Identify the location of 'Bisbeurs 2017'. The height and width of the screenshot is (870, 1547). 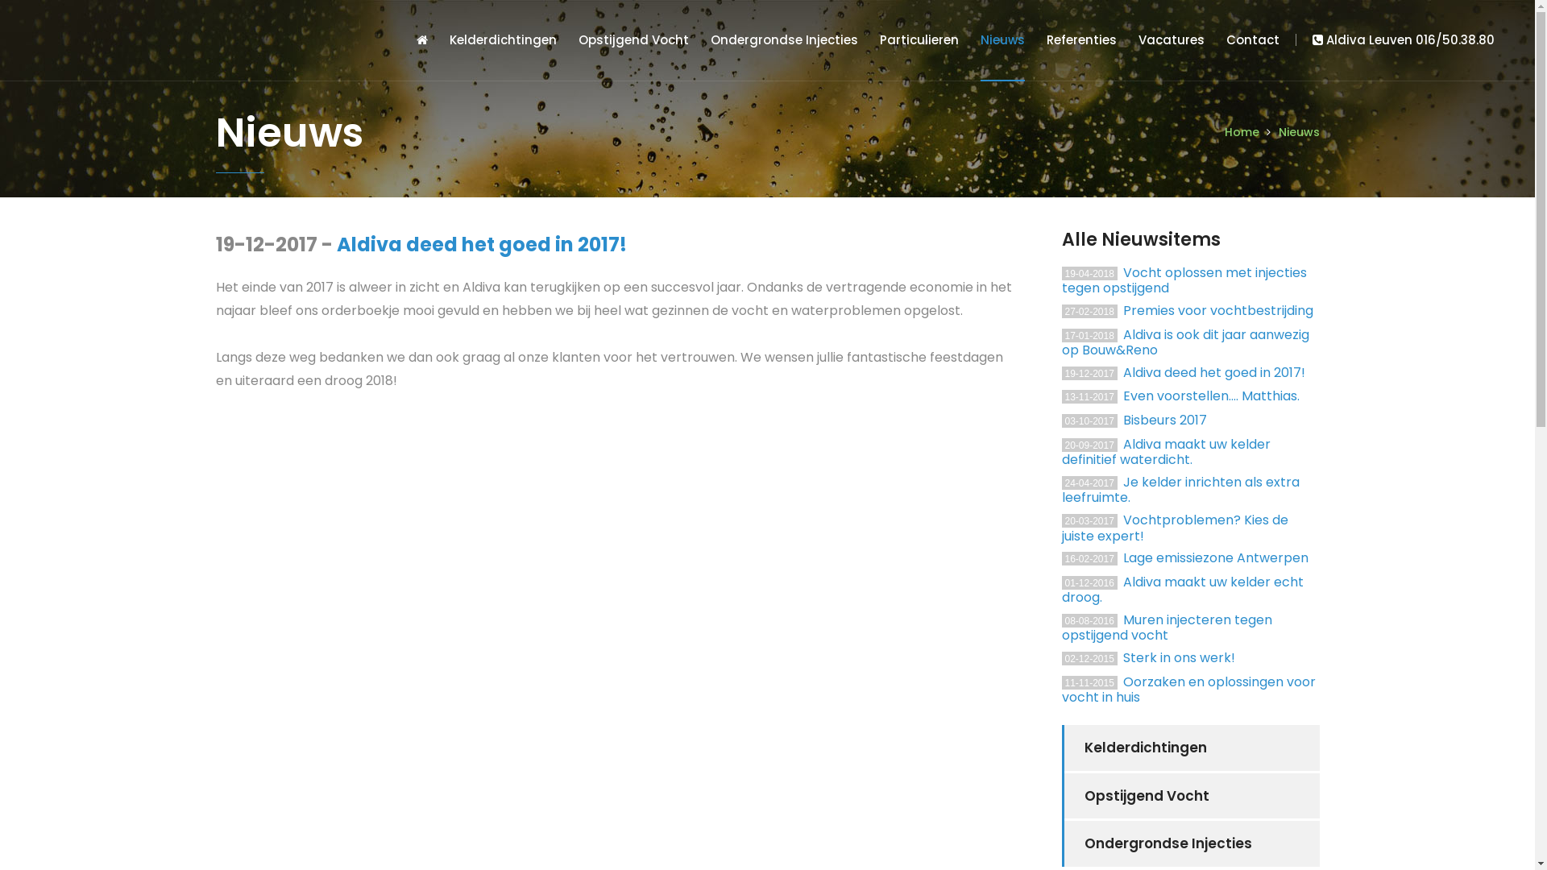
(1164, 419).